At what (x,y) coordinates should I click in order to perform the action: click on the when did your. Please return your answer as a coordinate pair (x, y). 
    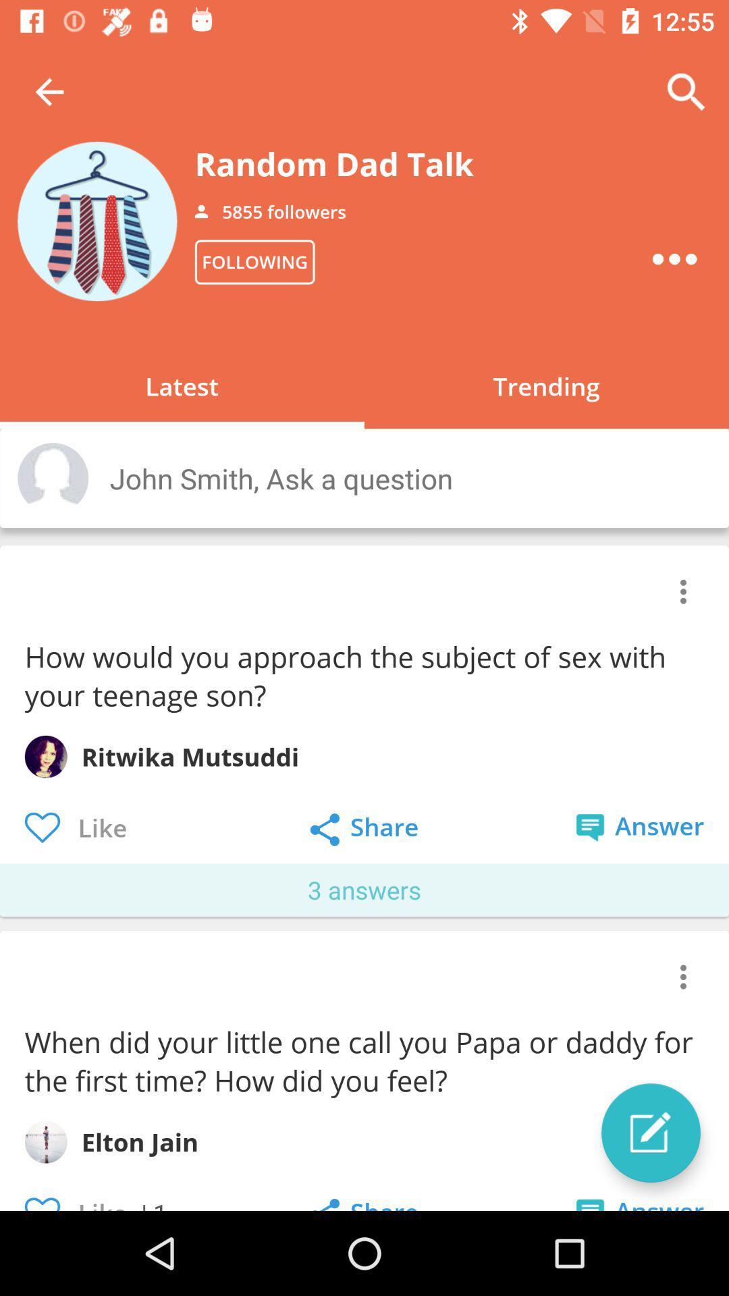
    Looking at the image, I should click on (362, 1060).